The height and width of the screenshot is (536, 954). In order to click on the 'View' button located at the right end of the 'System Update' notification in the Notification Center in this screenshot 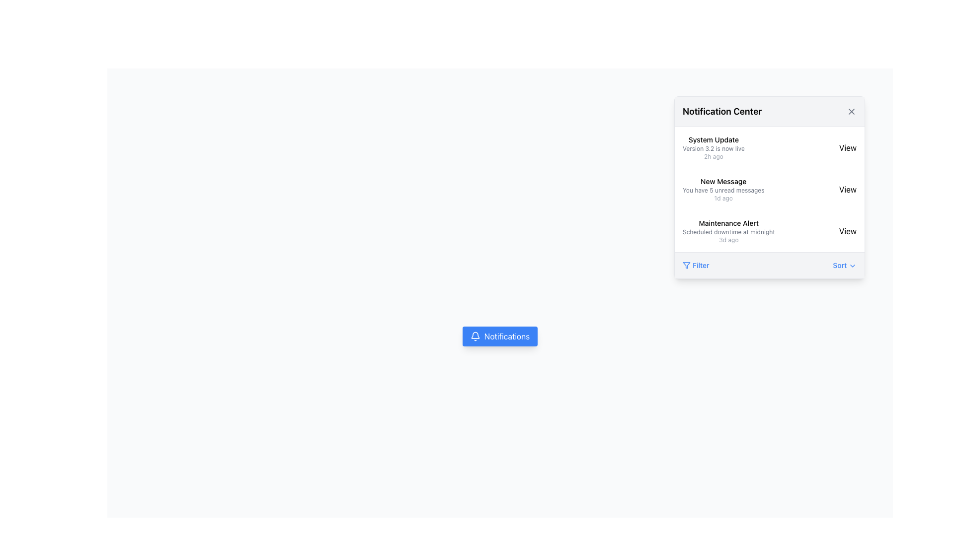, I will do `click(847, 147)`.